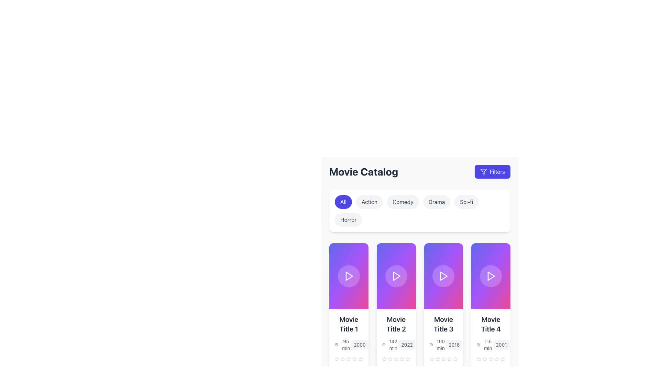 Image resolution: width=660 pixels, height=371 pixels. I want to click on the first star icon in the rating system below the card labeled 'Movie Title 2', so click(384, 359).